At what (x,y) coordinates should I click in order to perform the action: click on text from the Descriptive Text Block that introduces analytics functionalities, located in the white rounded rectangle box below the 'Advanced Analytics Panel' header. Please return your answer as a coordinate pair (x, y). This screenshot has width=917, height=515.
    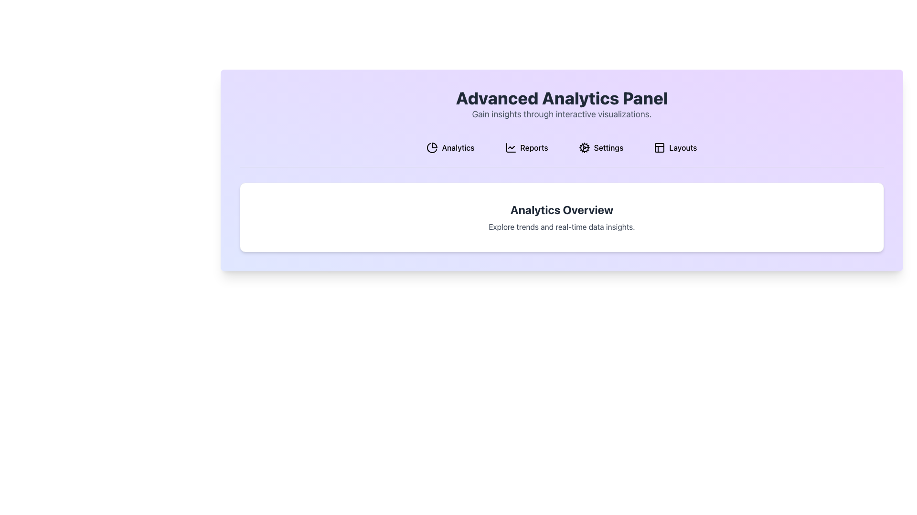
    Looking at the image, I should click on (562, 217).